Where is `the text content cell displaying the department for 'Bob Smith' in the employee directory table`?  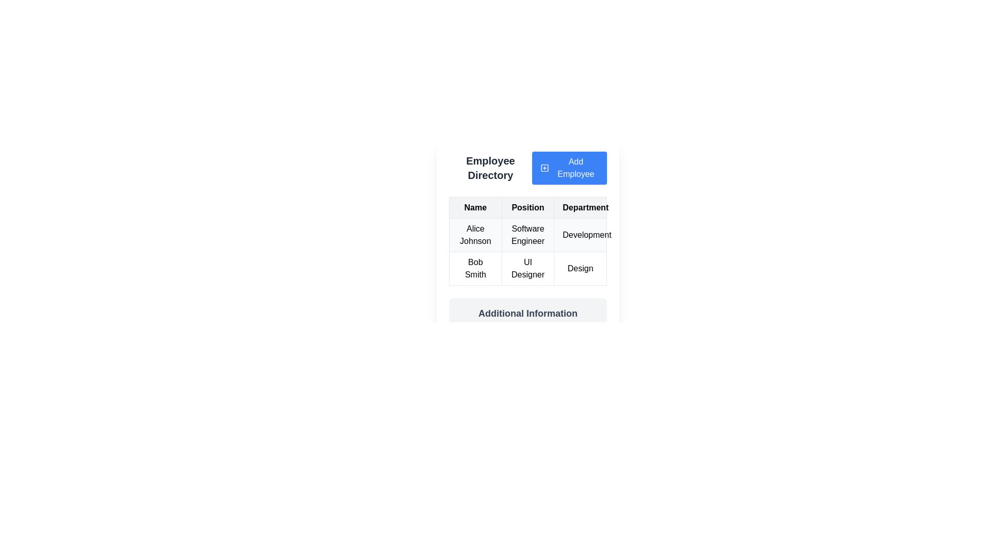
the text content cell displaying the department for 'Bob Smith' in the employee directory table is located at coordinates (580, 268).